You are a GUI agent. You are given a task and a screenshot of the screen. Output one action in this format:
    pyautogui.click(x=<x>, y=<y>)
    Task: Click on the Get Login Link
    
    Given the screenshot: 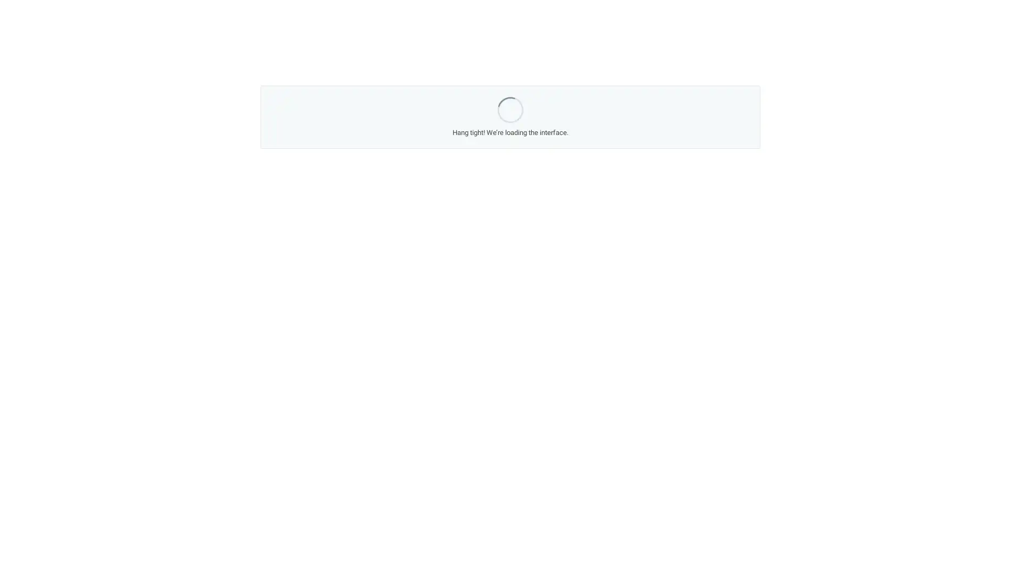 What is the action you would take?
    pyautogui.click(x=358, y=229)
    